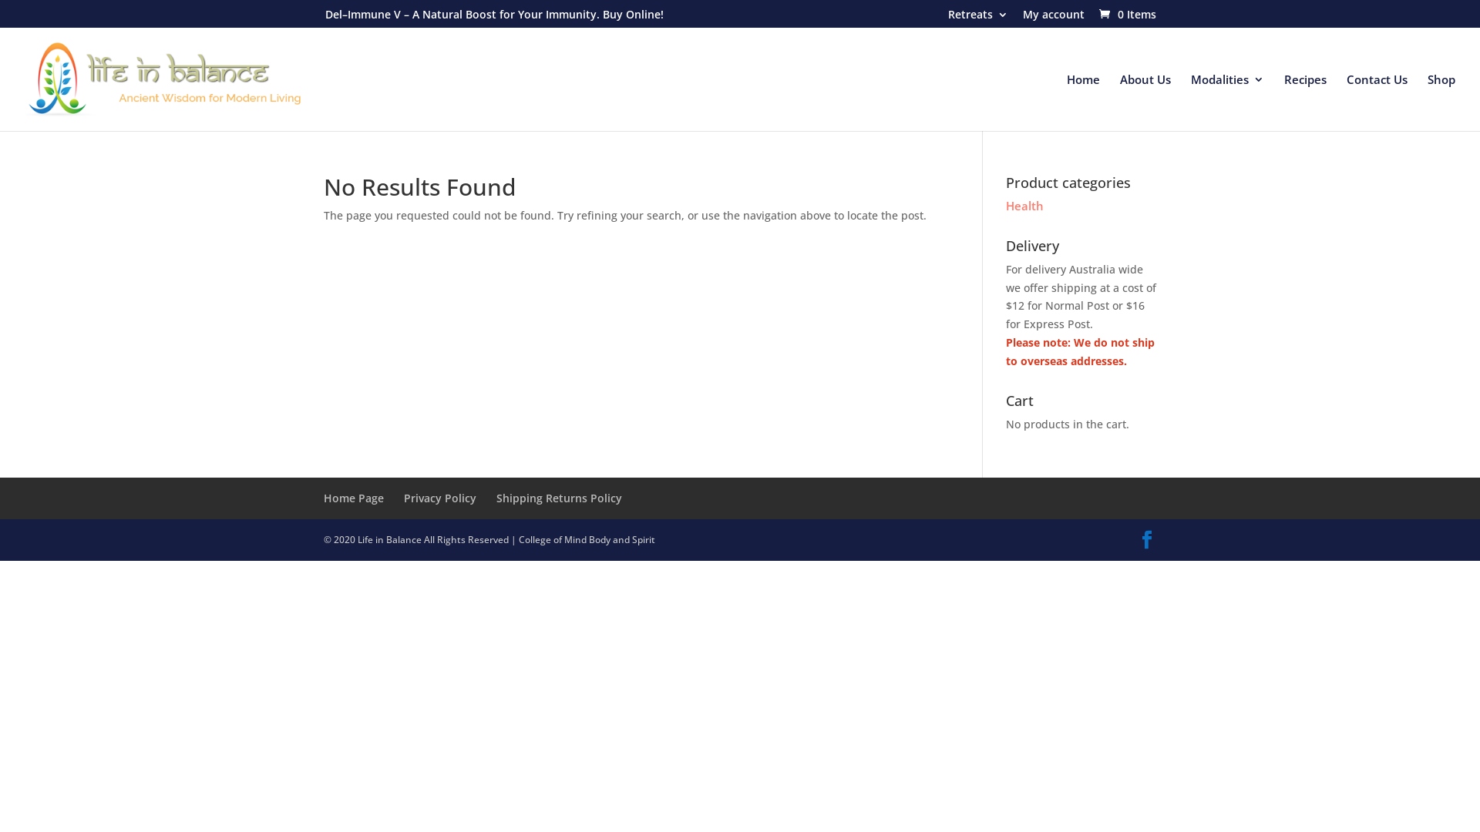  Describe the element at coordinates (1427, 102) in the screenshot. I see `'Shop'` at that location.